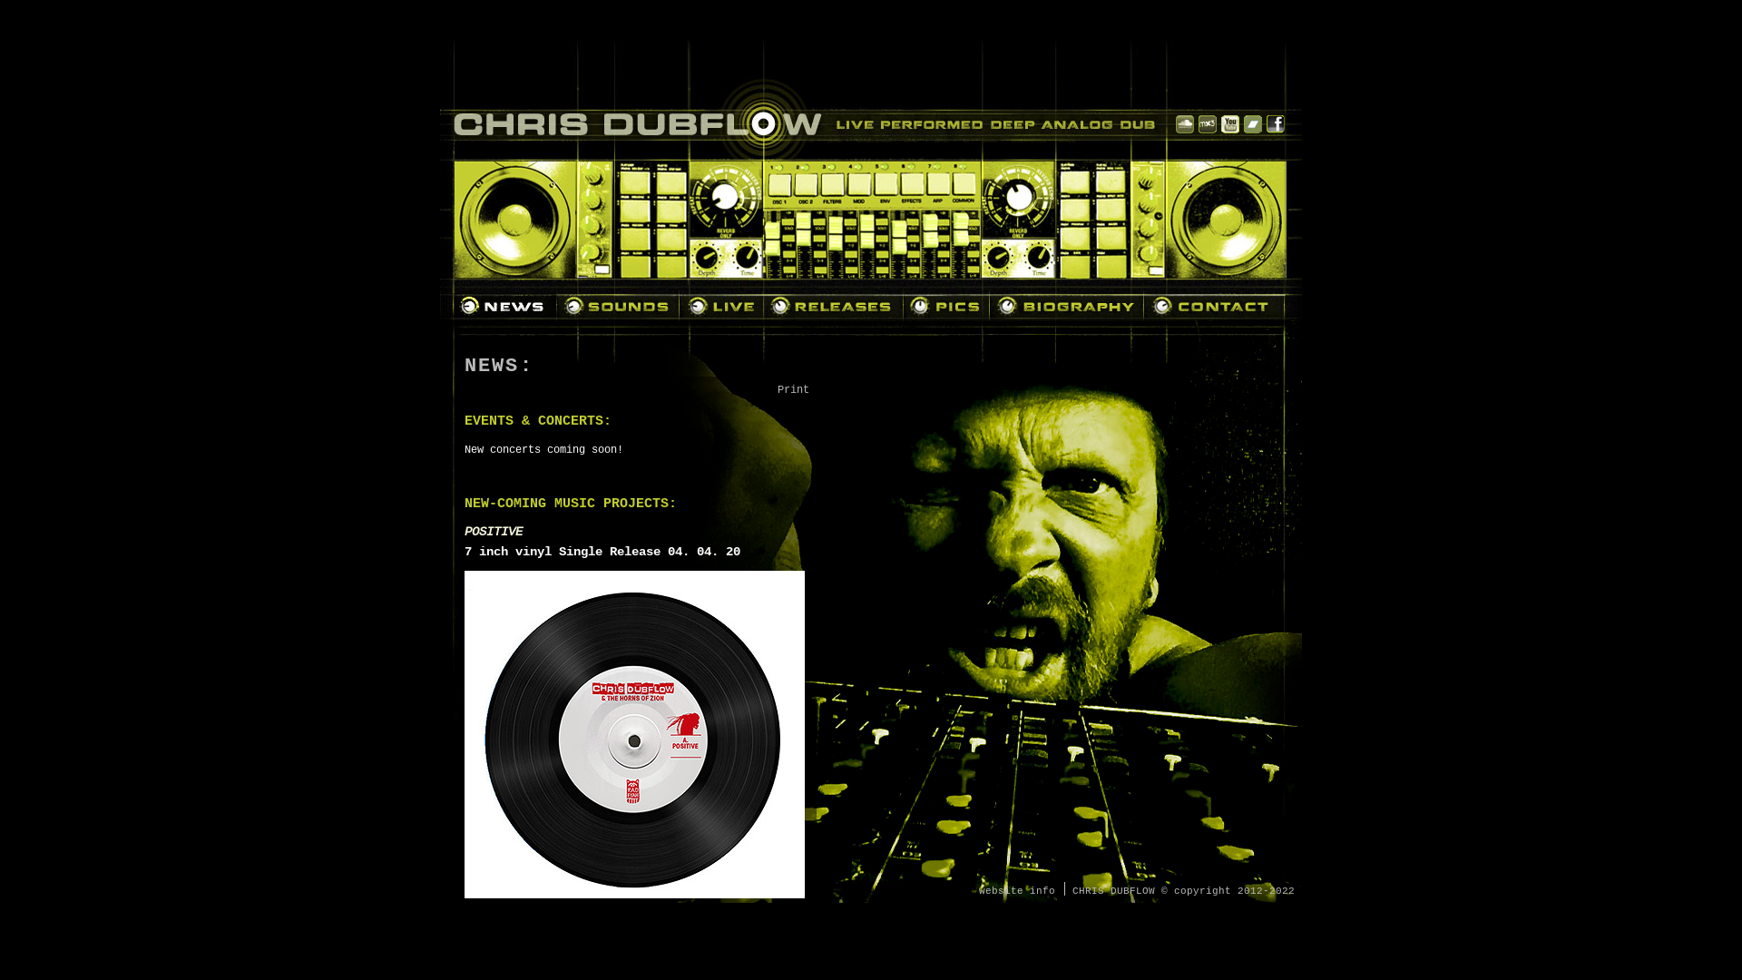  Describe the element at coordinates (1207, 123) in the screenshot. I see `'MX3'` at that location.